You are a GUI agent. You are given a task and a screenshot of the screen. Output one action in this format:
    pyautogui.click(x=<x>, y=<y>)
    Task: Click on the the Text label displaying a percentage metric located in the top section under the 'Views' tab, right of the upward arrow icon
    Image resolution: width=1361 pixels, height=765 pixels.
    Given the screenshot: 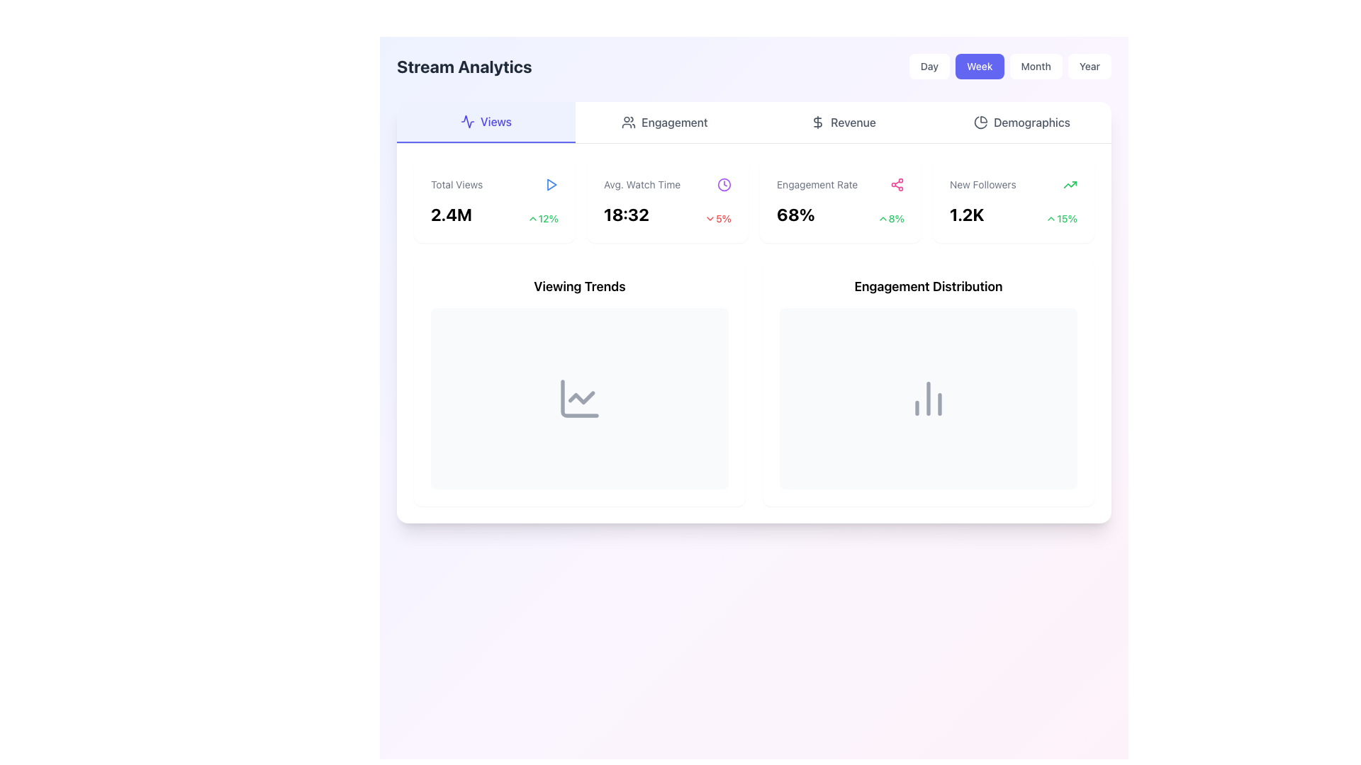 What is the action you would take?
    pyautogui.click(x=547, y=218)
    